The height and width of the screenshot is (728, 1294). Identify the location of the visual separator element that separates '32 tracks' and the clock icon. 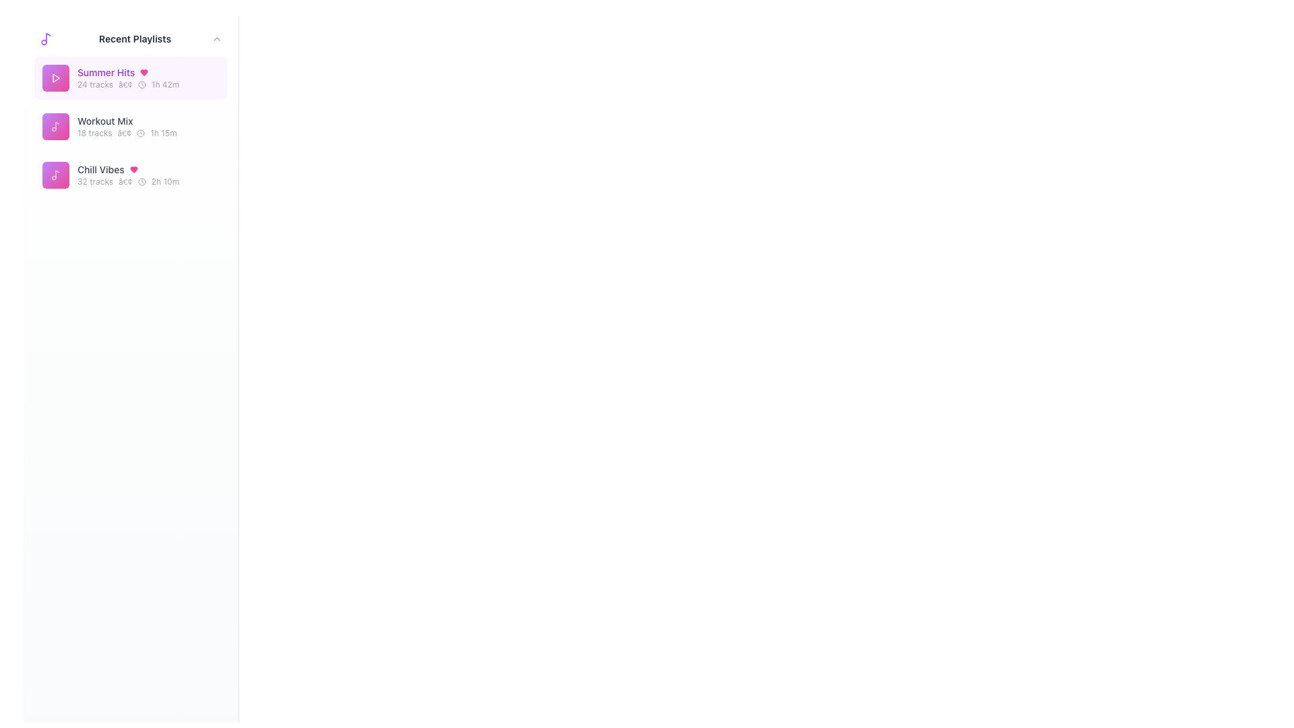
(125, 182).